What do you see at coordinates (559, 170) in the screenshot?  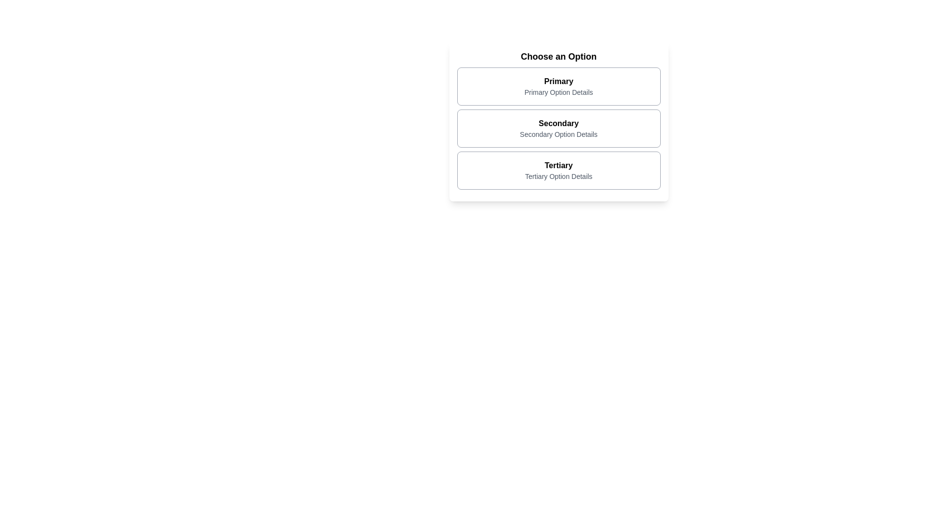 I see `the 'Tertiary' clickable card option located below the 'Secondary' option in the 'Choose an Option' section` at bounding box center [559, 170].